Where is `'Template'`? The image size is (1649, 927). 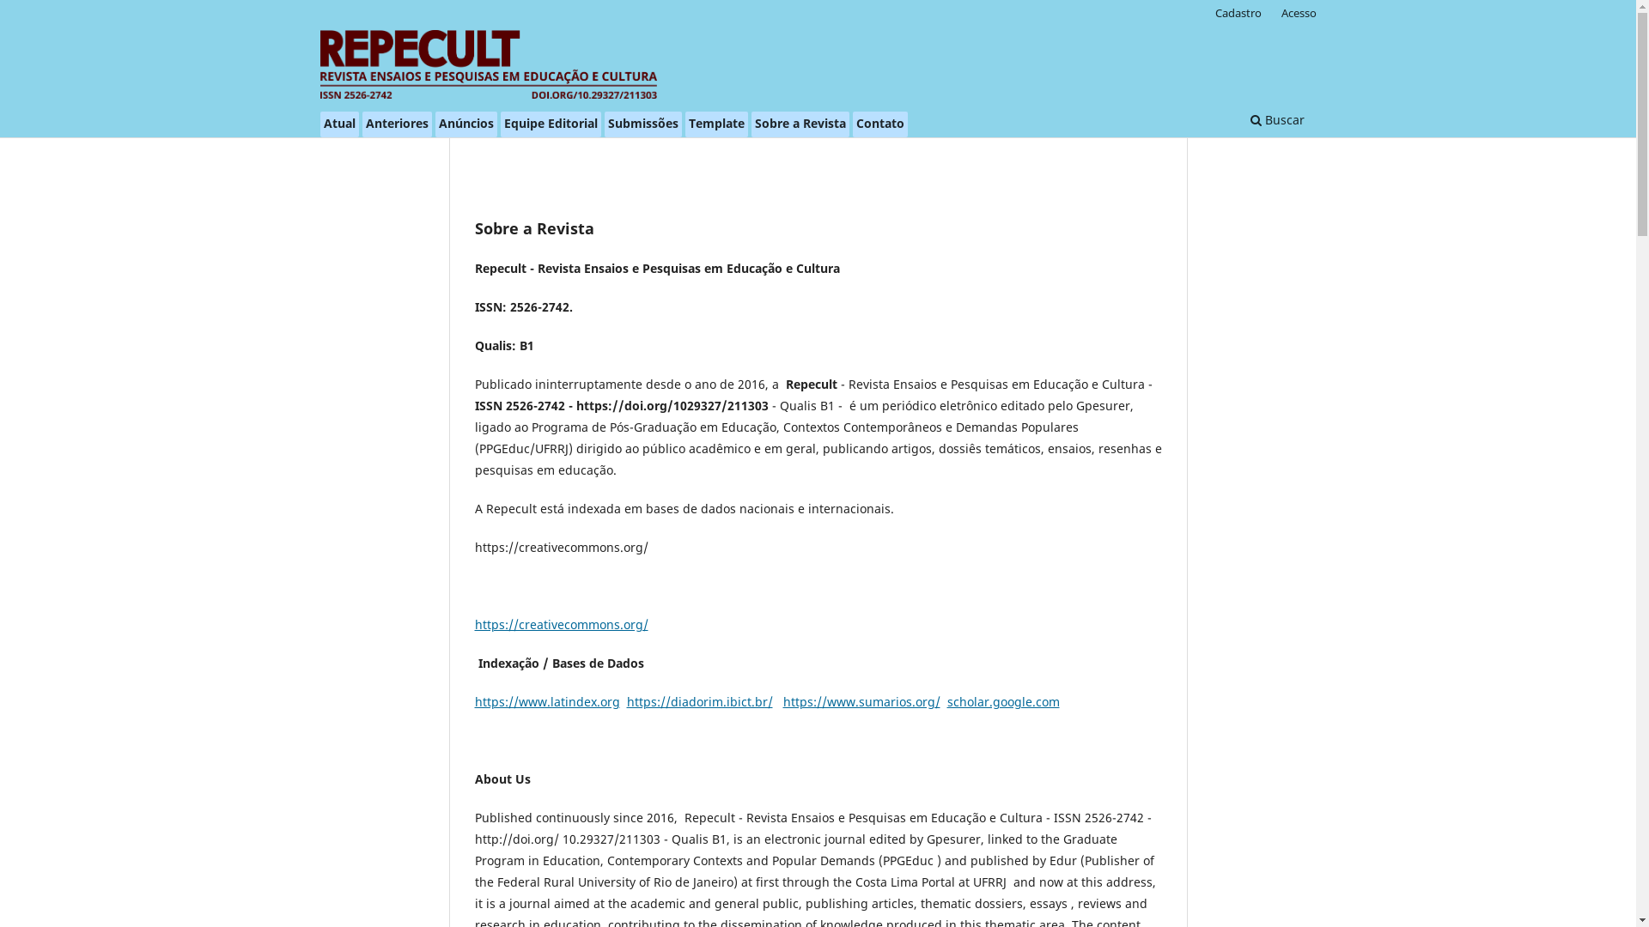 'Template' is located at coordinates (716, 124).